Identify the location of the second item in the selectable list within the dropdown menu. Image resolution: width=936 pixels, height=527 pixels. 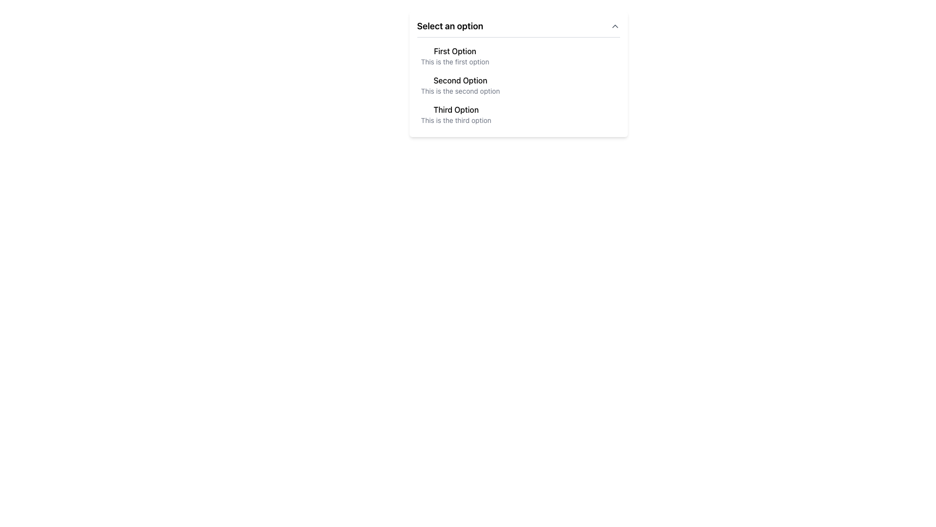
(518, 74).